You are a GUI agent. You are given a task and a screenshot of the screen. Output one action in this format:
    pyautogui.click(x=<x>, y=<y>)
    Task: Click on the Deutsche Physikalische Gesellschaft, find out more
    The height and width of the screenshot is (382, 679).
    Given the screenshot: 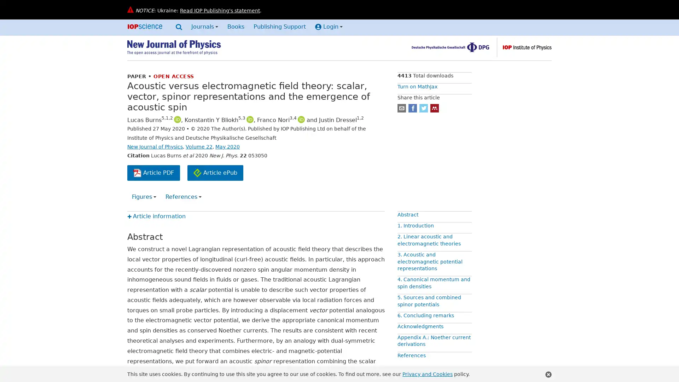 What is the action you would take?
    pyautogui.click(x=449, y=48)
    